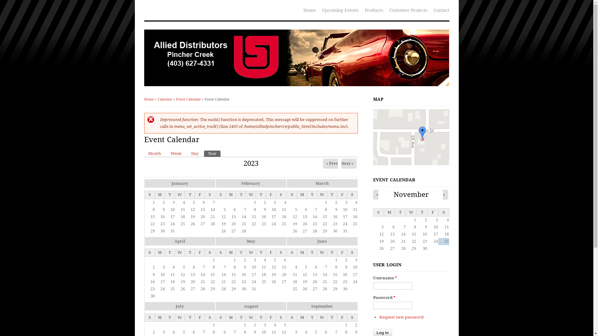 The height and width of the screenshot is (336, 598). Describe the element at coordinates (194, 153) in the screenshot. I see `'Day'` at that location.